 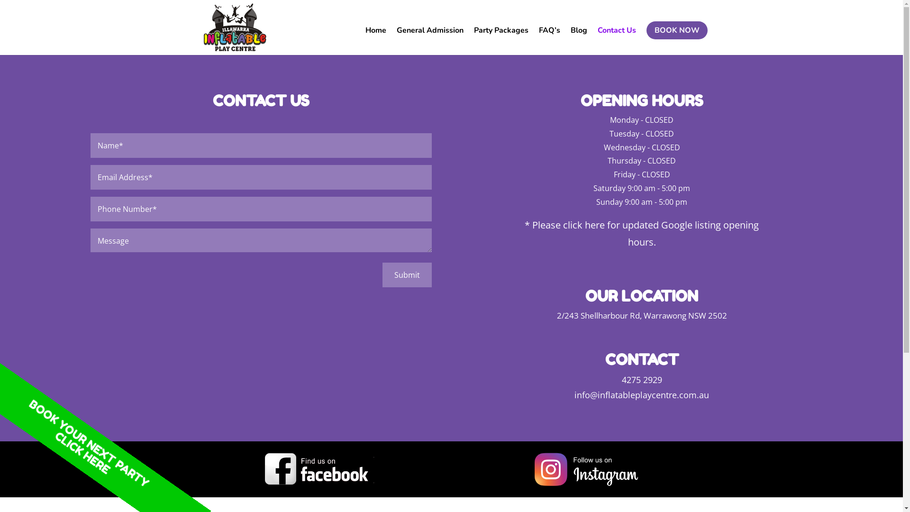 What do you see at coordinates (642, 379) in the screenshot?
I see `'4275 2929'` at bounding box center [642, 379].